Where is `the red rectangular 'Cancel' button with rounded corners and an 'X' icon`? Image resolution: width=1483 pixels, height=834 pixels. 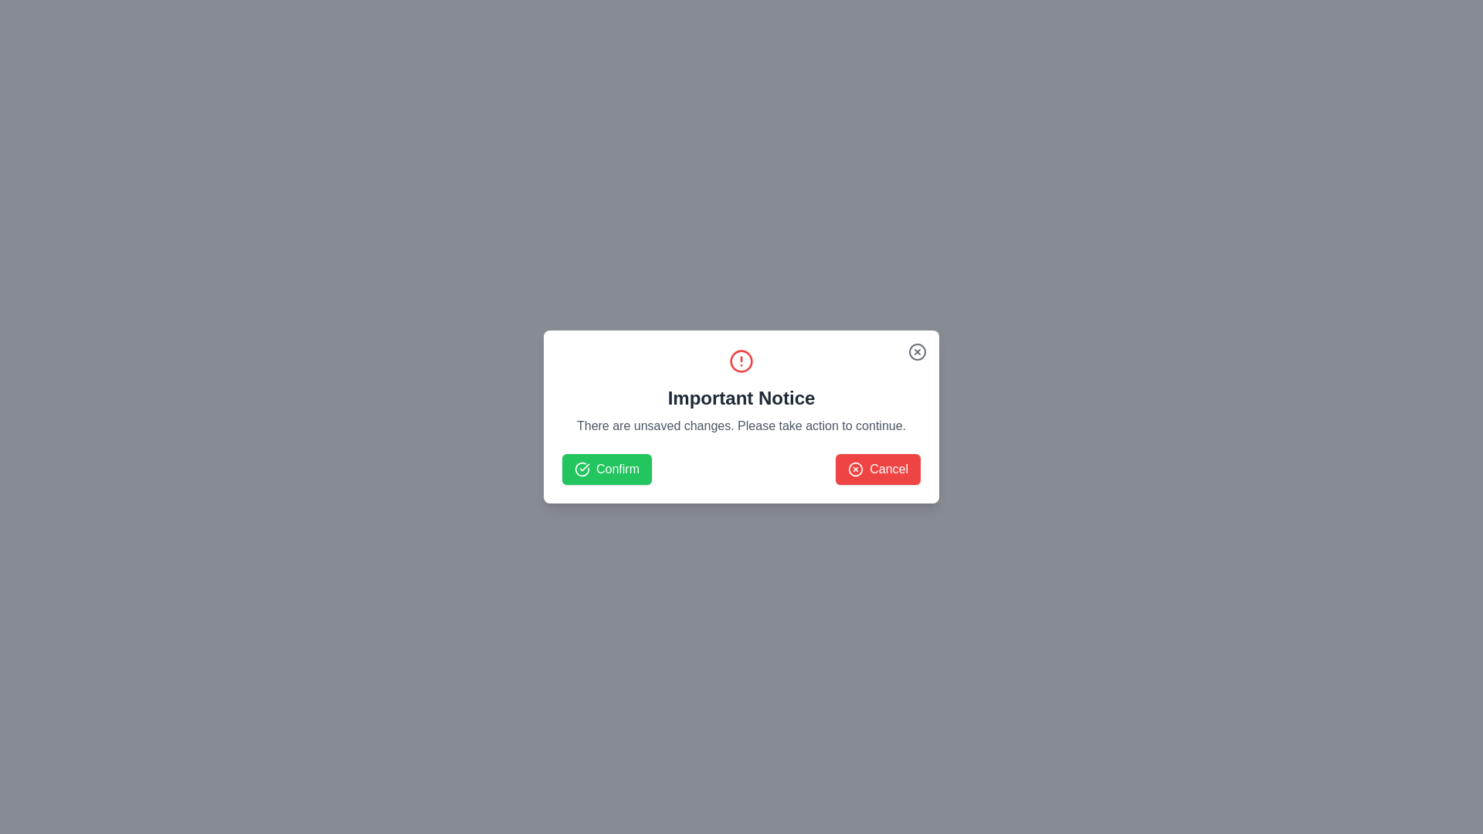
the red rectangular 'Cancel' button with rounded corners and an 'X' icon is located at coordinates (878, 469).